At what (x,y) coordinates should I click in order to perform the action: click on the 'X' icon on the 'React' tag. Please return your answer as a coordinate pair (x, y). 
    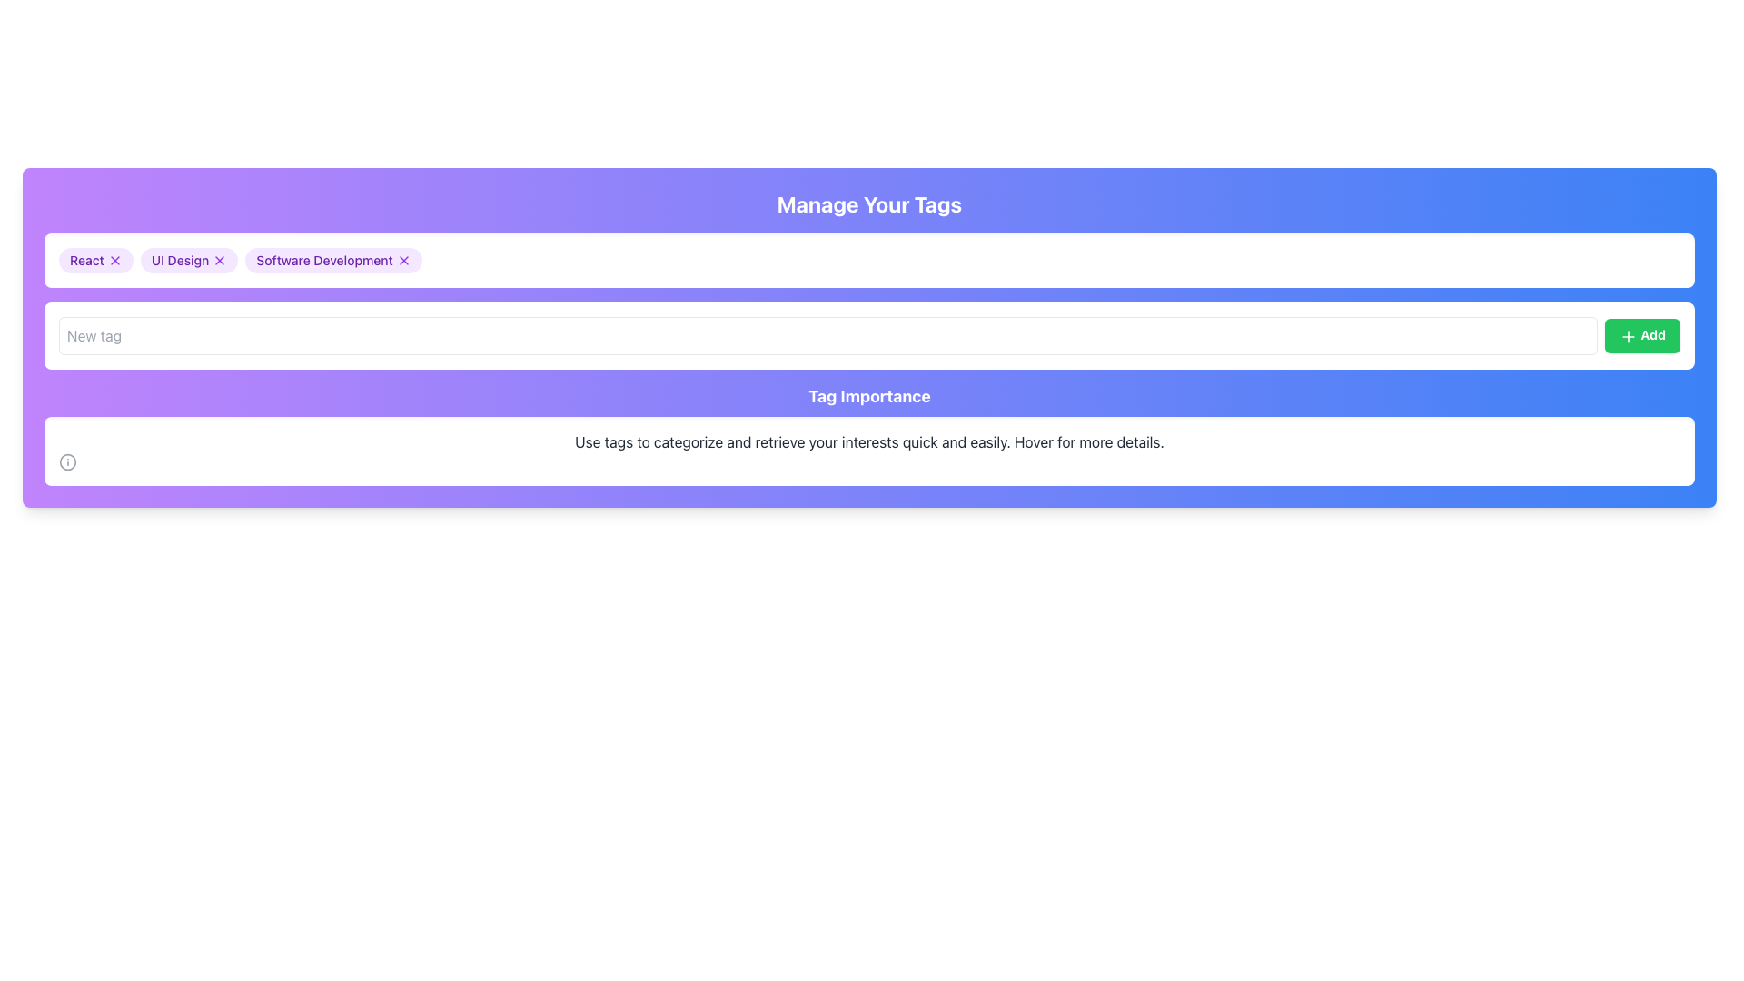
    Looking at the image, I should click on (94, 260).